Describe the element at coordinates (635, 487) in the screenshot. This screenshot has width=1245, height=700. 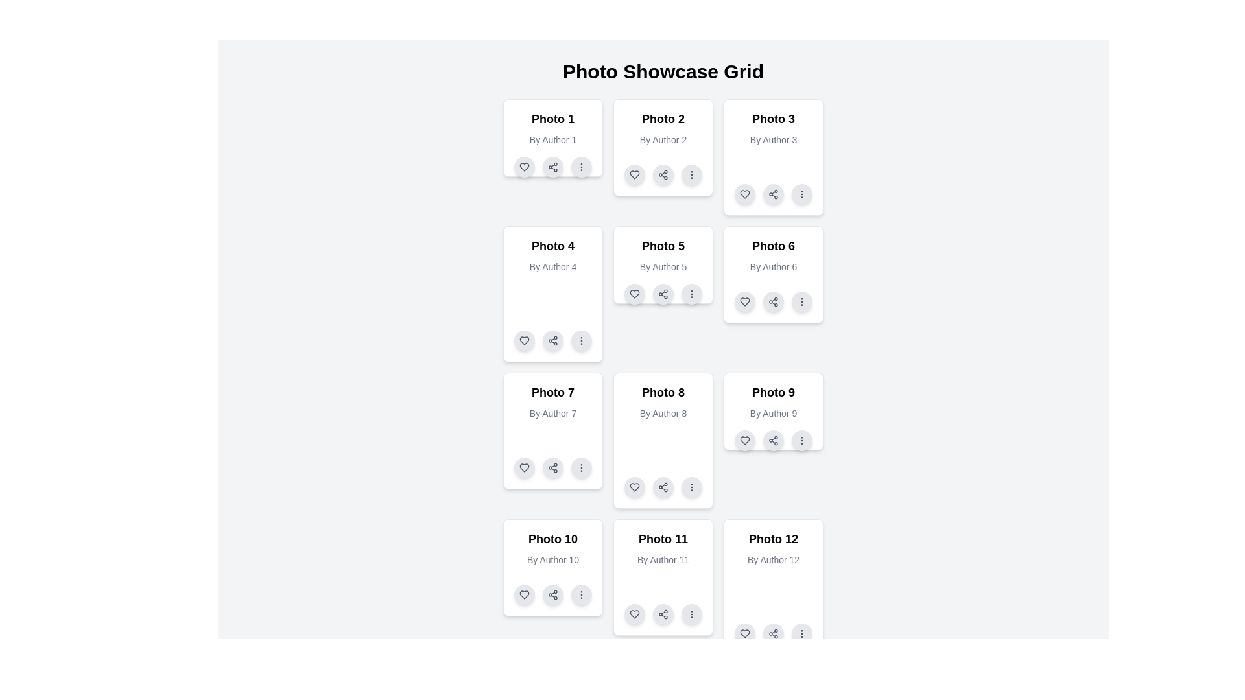
I see `the button` at that location.